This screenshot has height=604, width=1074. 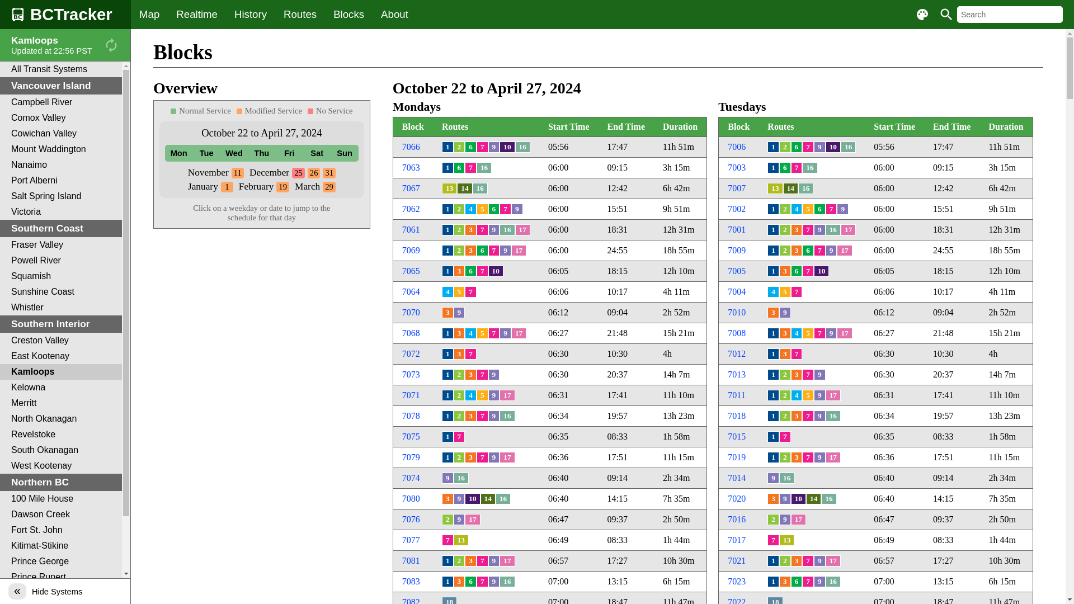 I want to click on '7', so click(x=470, y=168).